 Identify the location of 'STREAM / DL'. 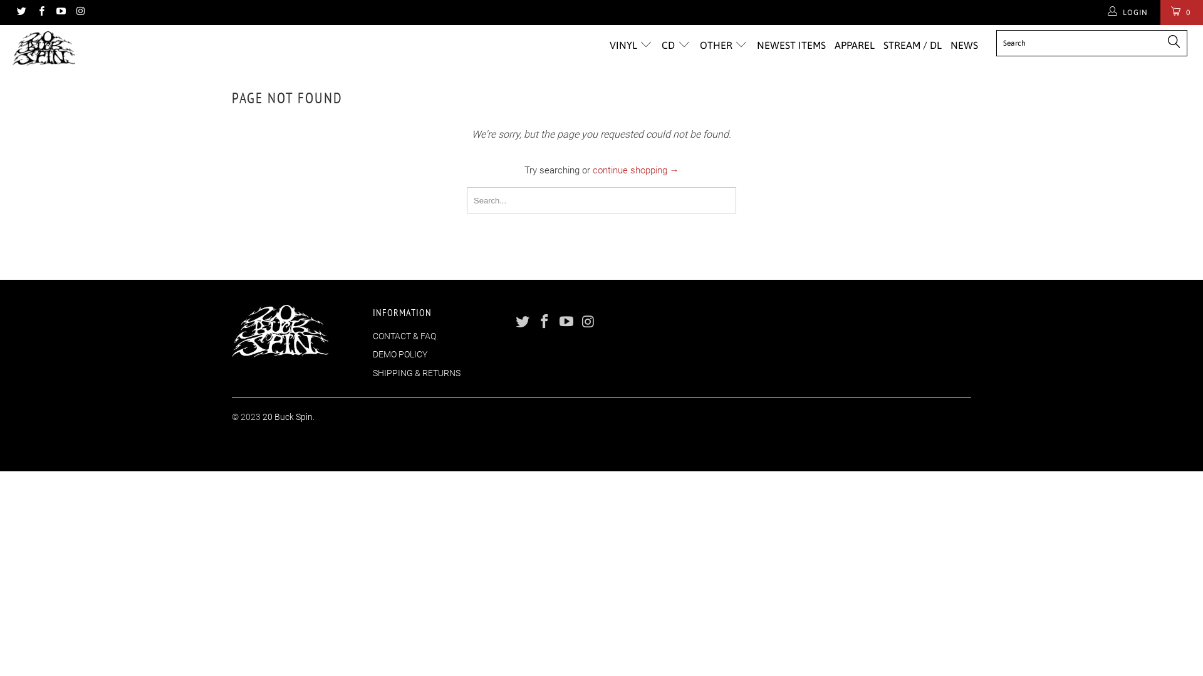
(912, 44).